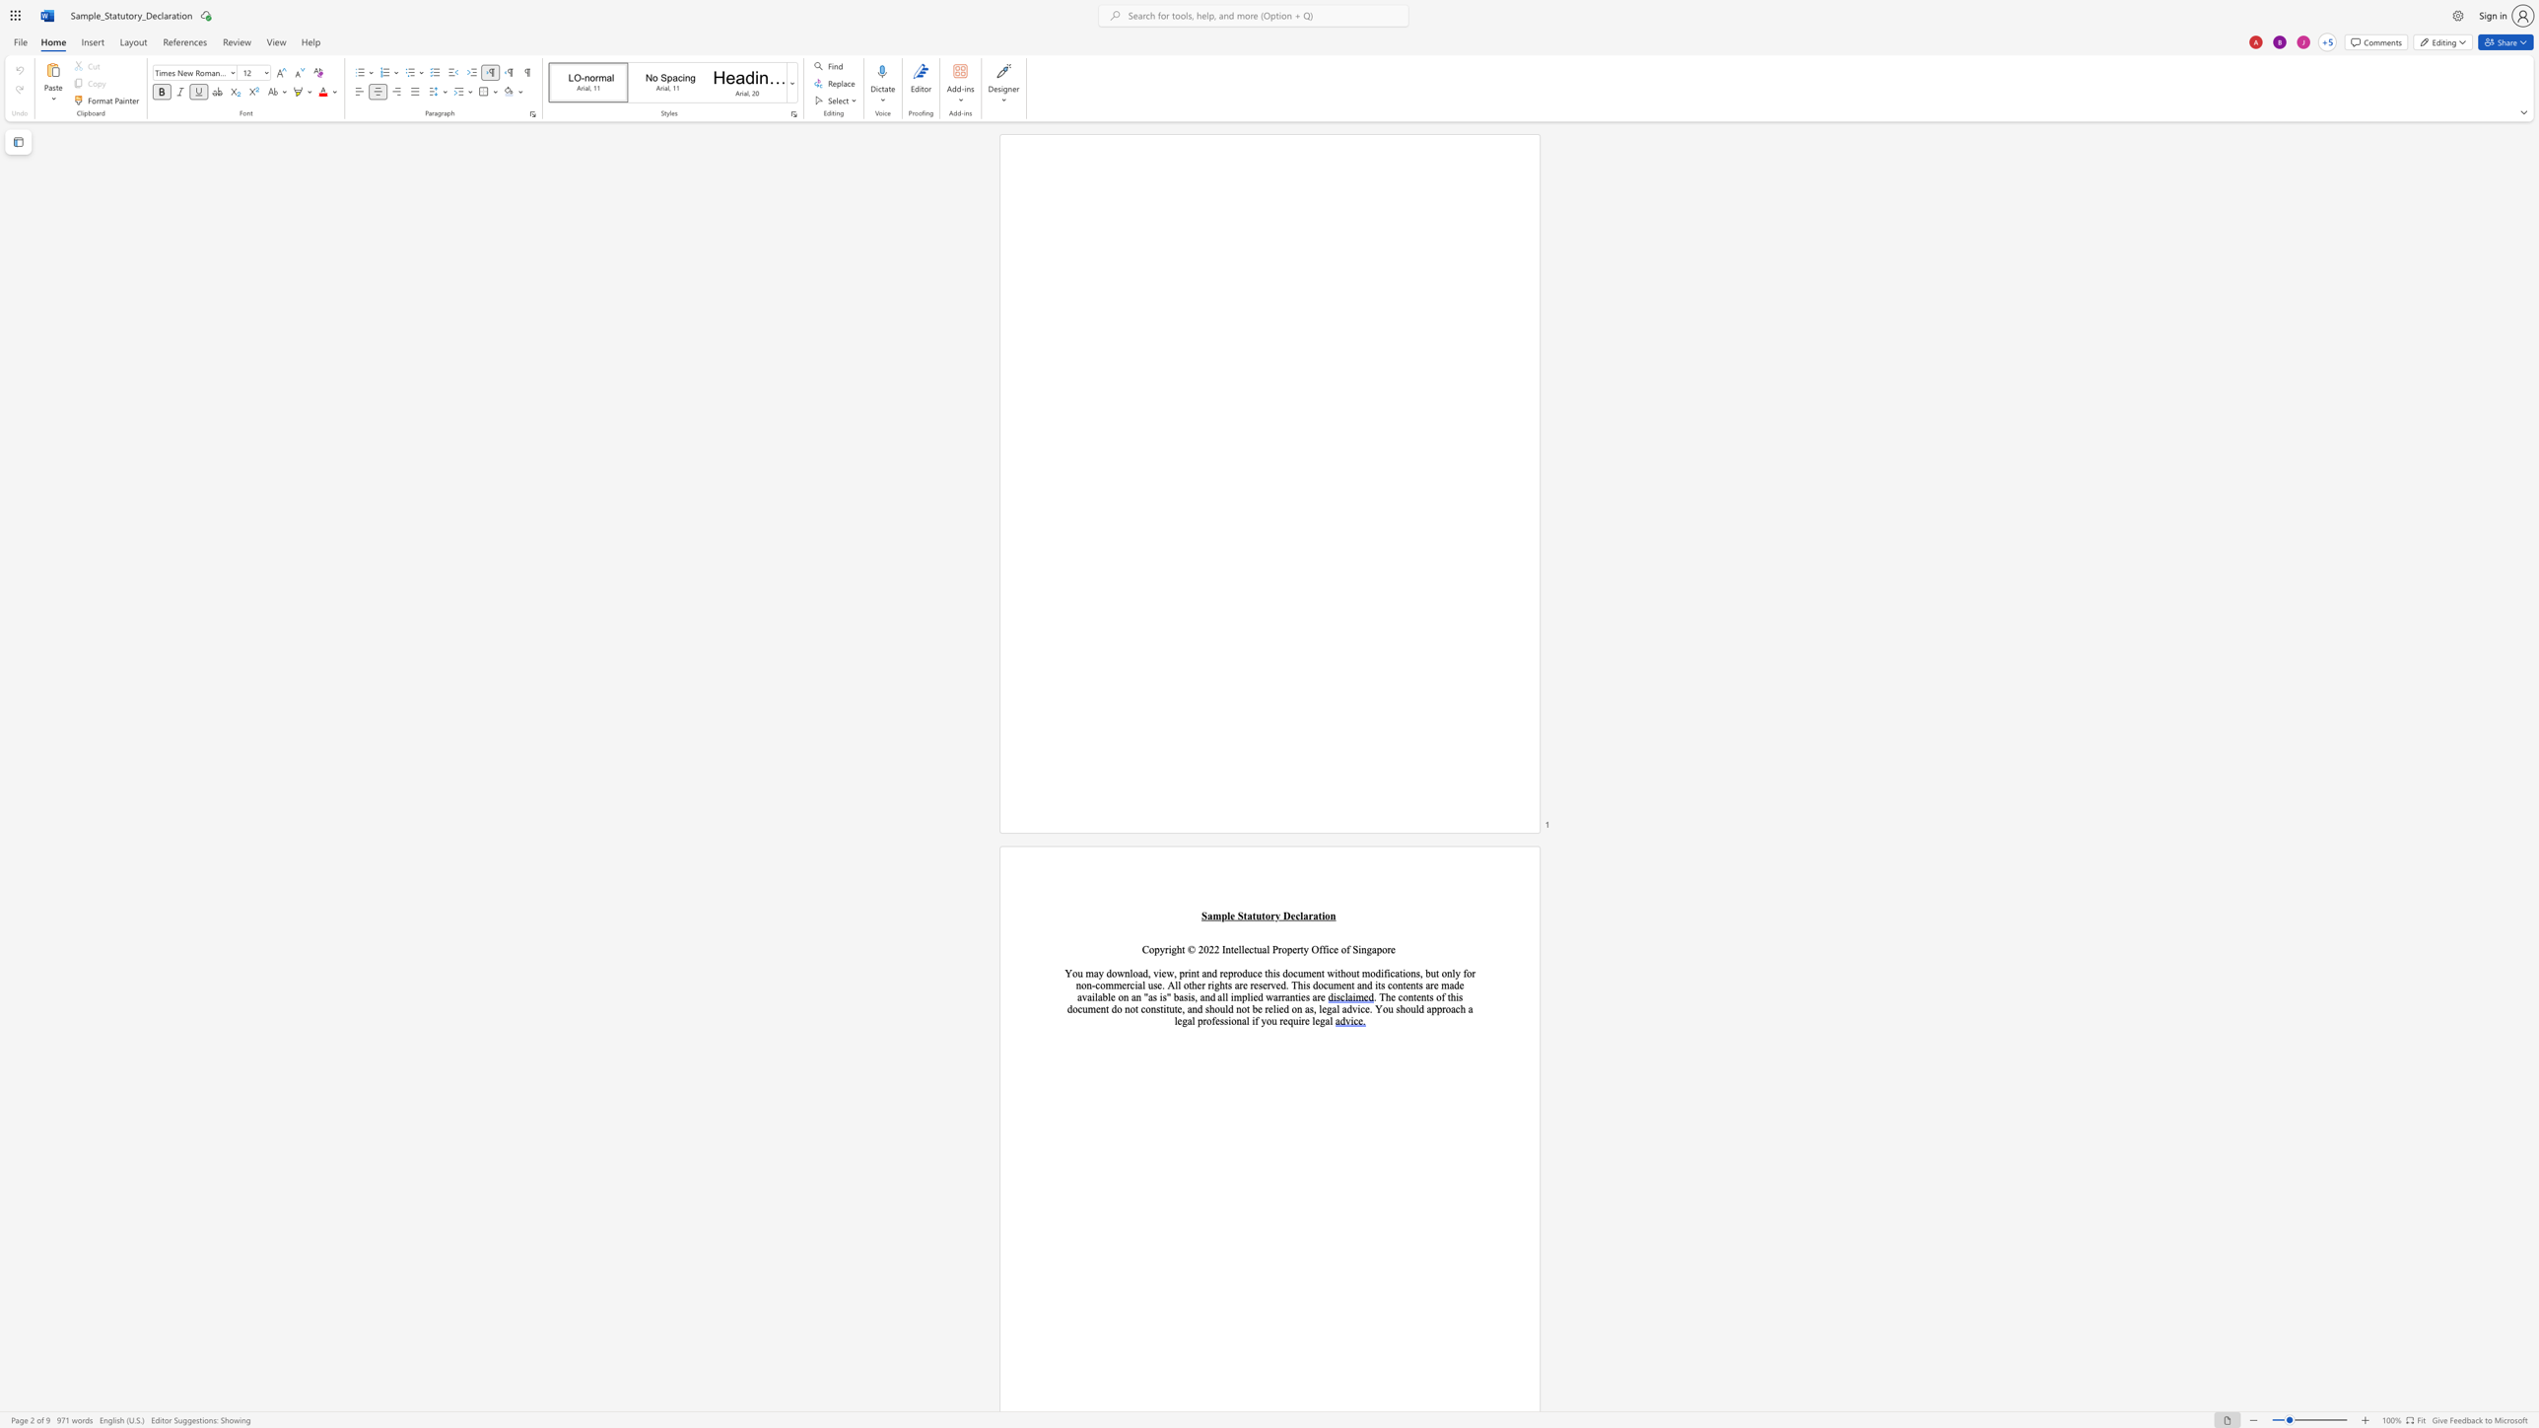  Describe the element at coordinates (1388, 949) in the screenshot. I see `the 4th character "r" in the text` at that location.